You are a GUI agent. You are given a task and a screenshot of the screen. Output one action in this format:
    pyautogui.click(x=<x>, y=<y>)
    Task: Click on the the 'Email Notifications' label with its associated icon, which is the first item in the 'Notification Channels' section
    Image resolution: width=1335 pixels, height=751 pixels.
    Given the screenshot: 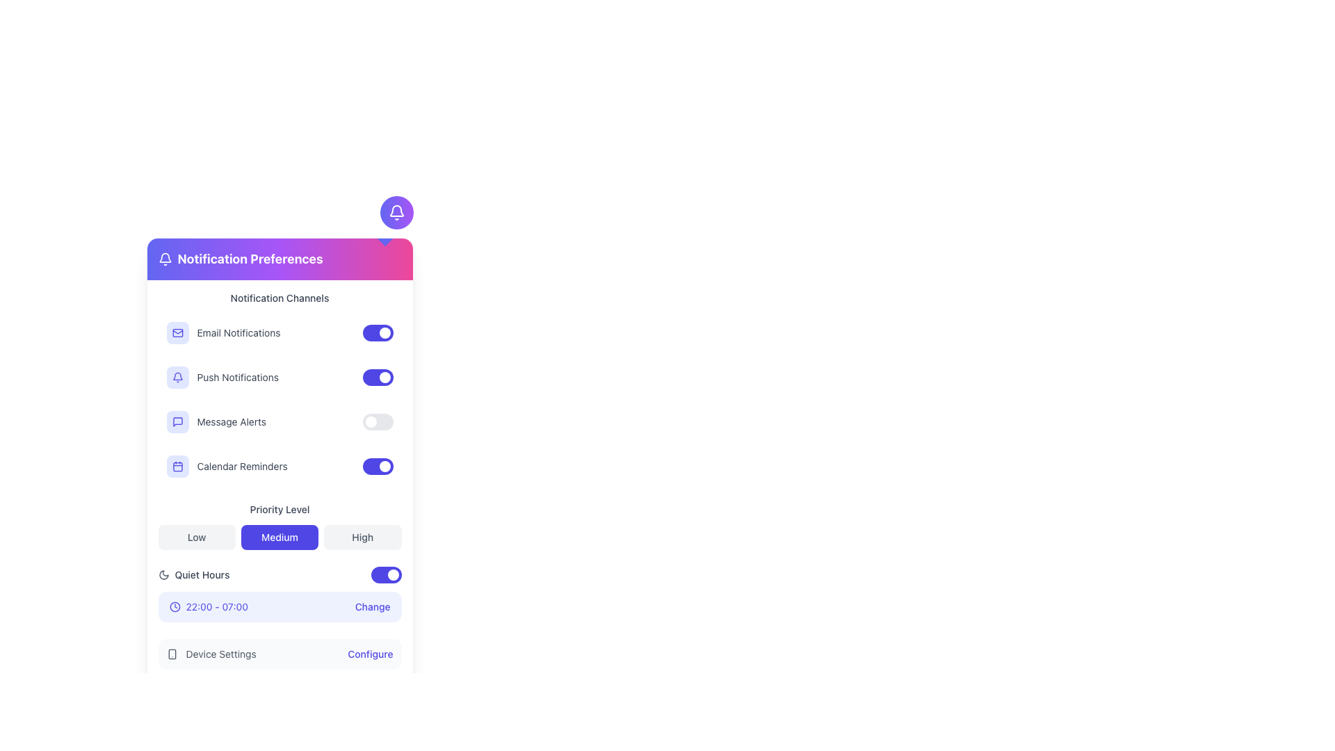 What is the action you would take?
    pyautogui.click(x=223, y=332)
    